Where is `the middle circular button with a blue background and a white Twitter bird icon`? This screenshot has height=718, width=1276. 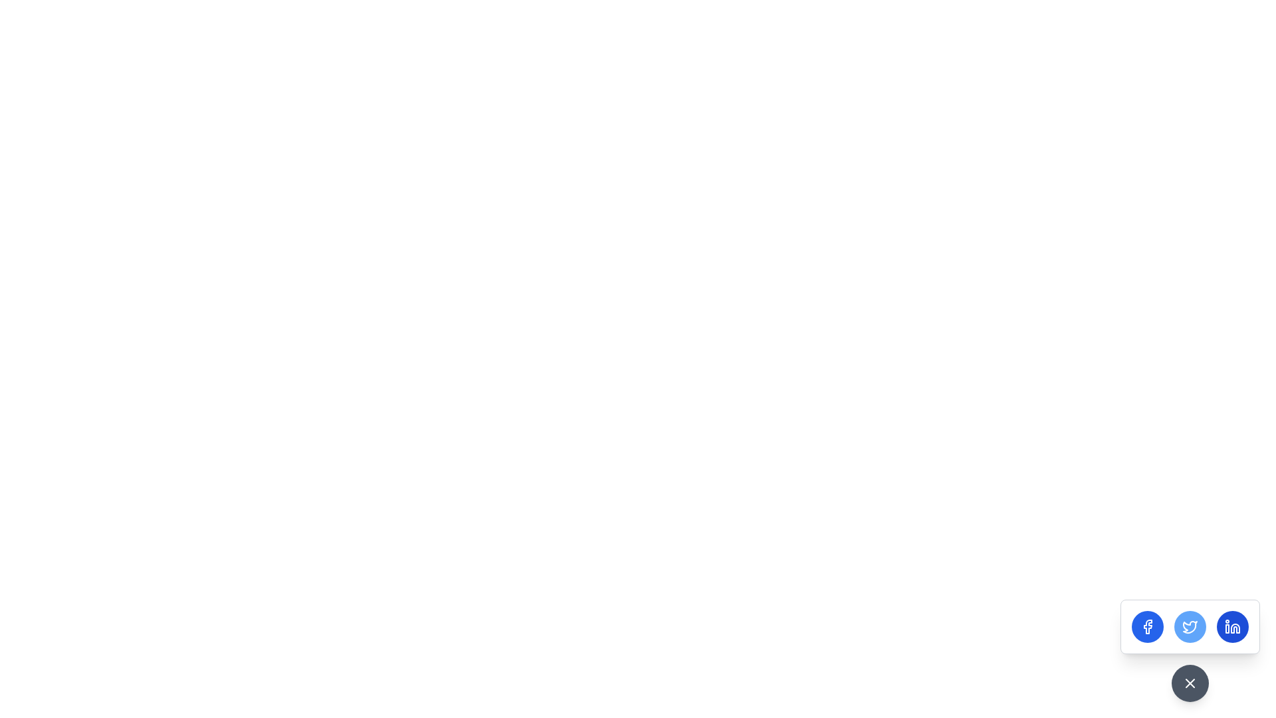 the middle circular button with a blue background and a white Twitter bird icon is located at coordinates (1190, 626).